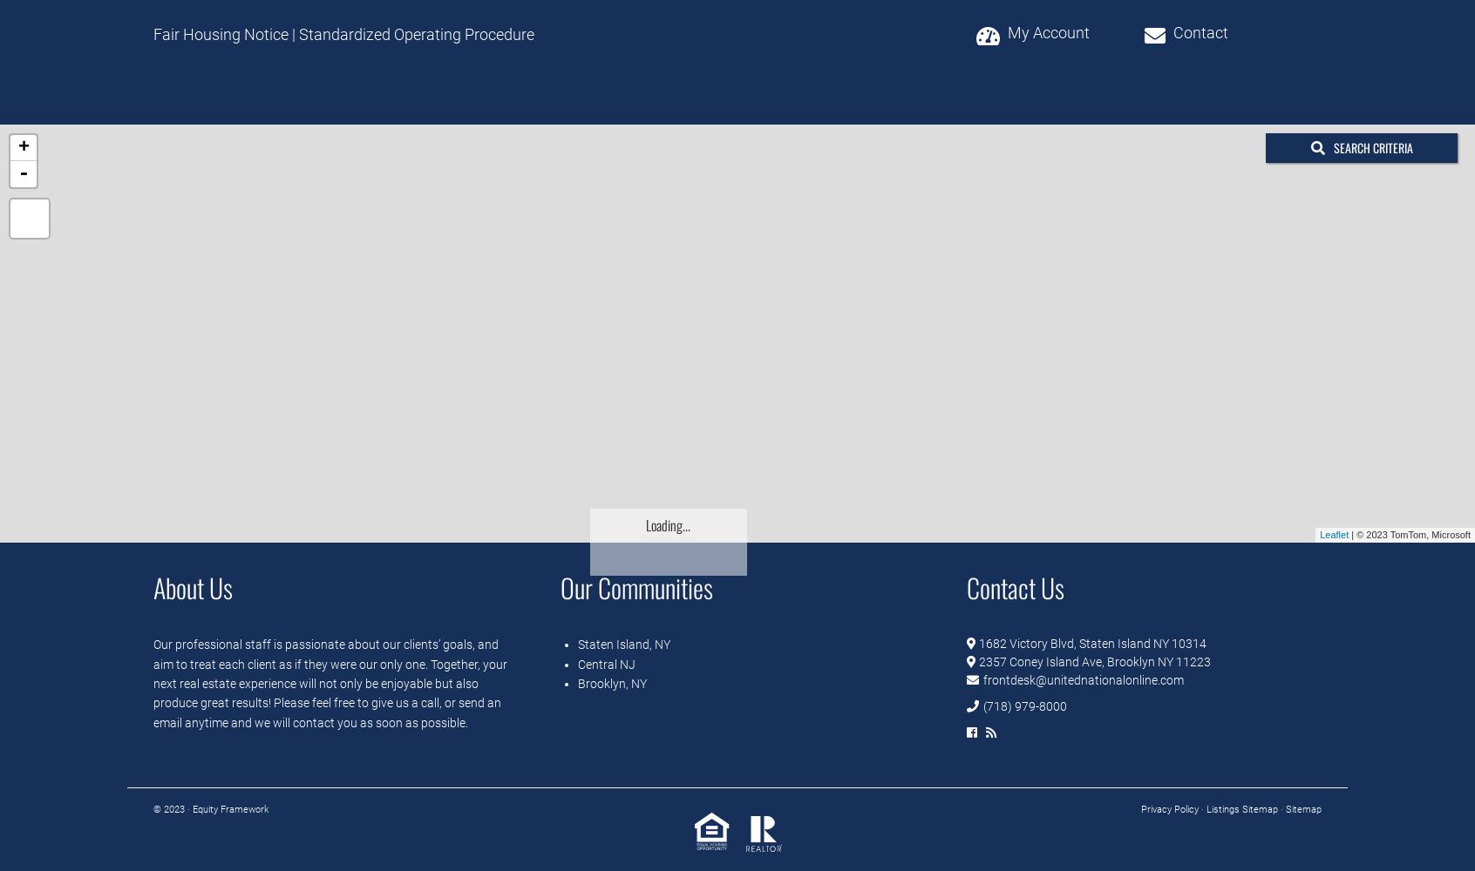 This screenshot has width=1475, height=871. I want to click on 'Staten Island, NY', so click(622, 644).